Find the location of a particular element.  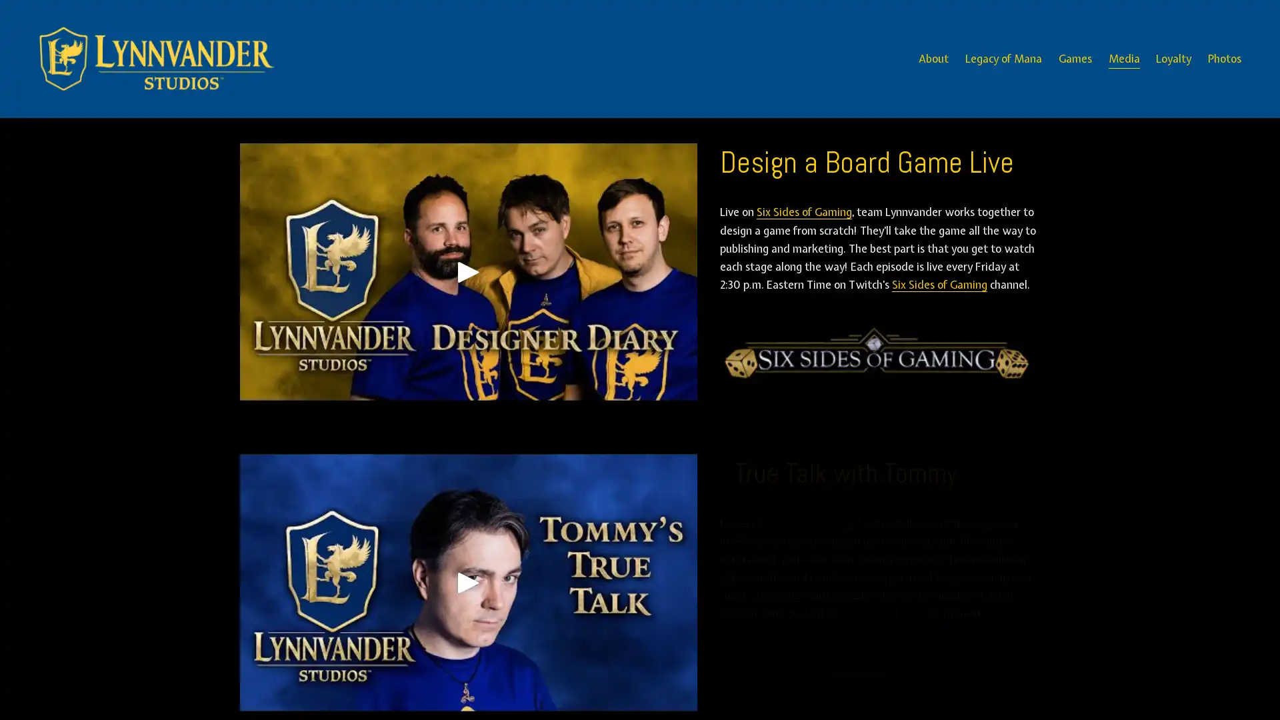

Play is located at coordinates (467, 271).